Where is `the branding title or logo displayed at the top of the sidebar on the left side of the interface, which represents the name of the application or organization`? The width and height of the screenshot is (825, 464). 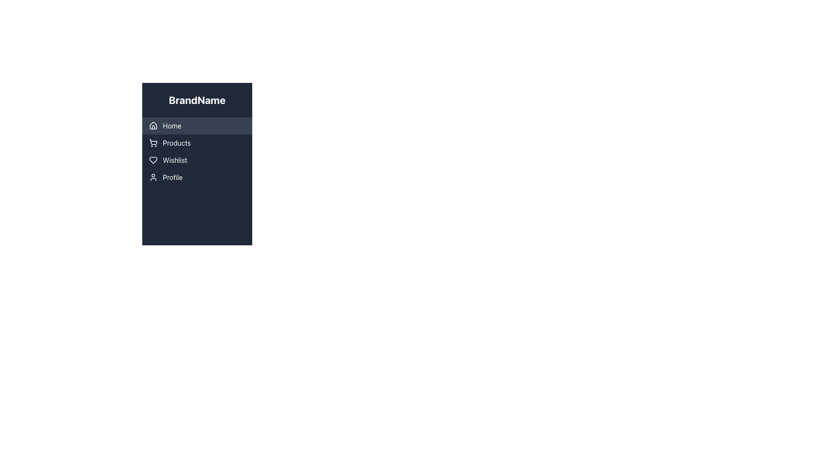 the branding title or logo displayed at the top of the sidebar on the left side of the interface, which represents the name of the application or organization is located at coordinates (197, 99).